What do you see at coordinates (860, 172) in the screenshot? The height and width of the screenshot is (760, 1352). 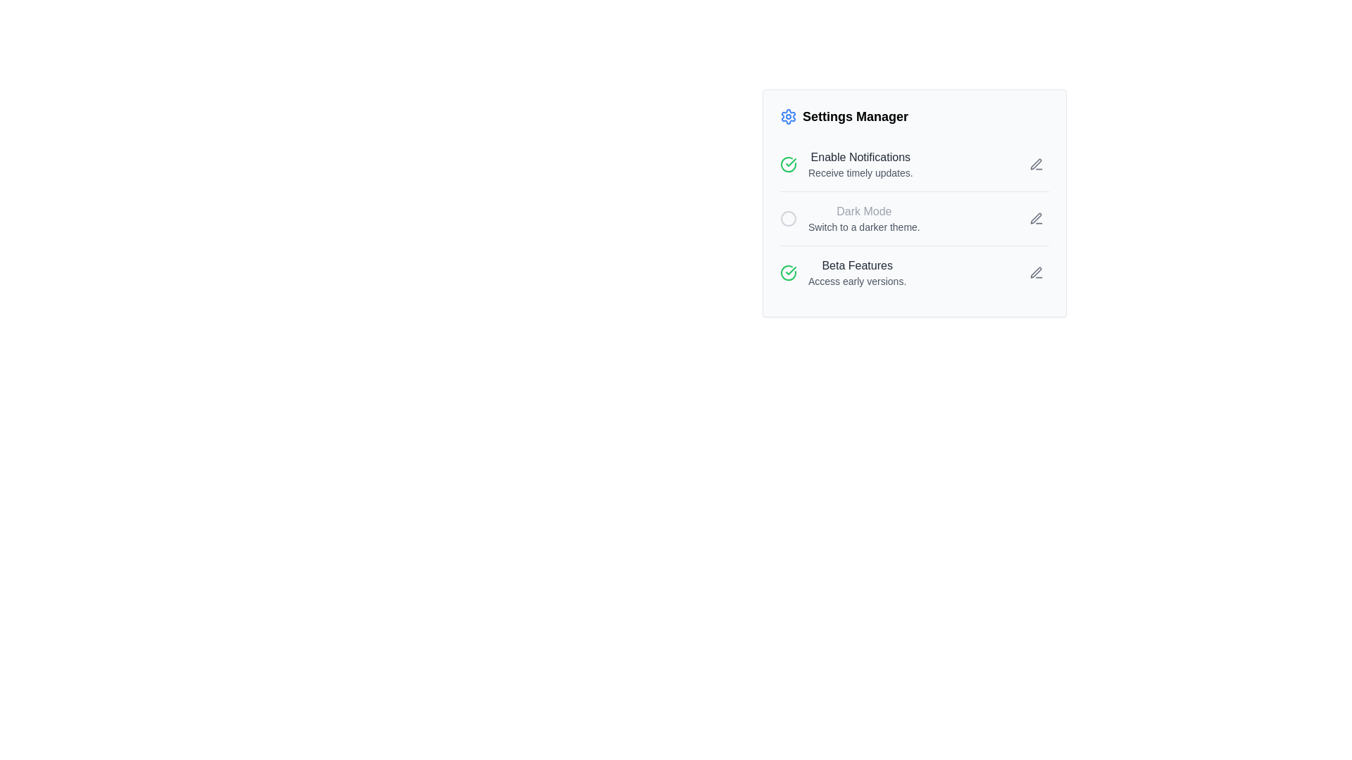 I see `the text label that says 'Receive timely updates.' in the 'Enable Notifications' section, which is styled in gray and located beneath the main heading` at bounding box center [860, 172].